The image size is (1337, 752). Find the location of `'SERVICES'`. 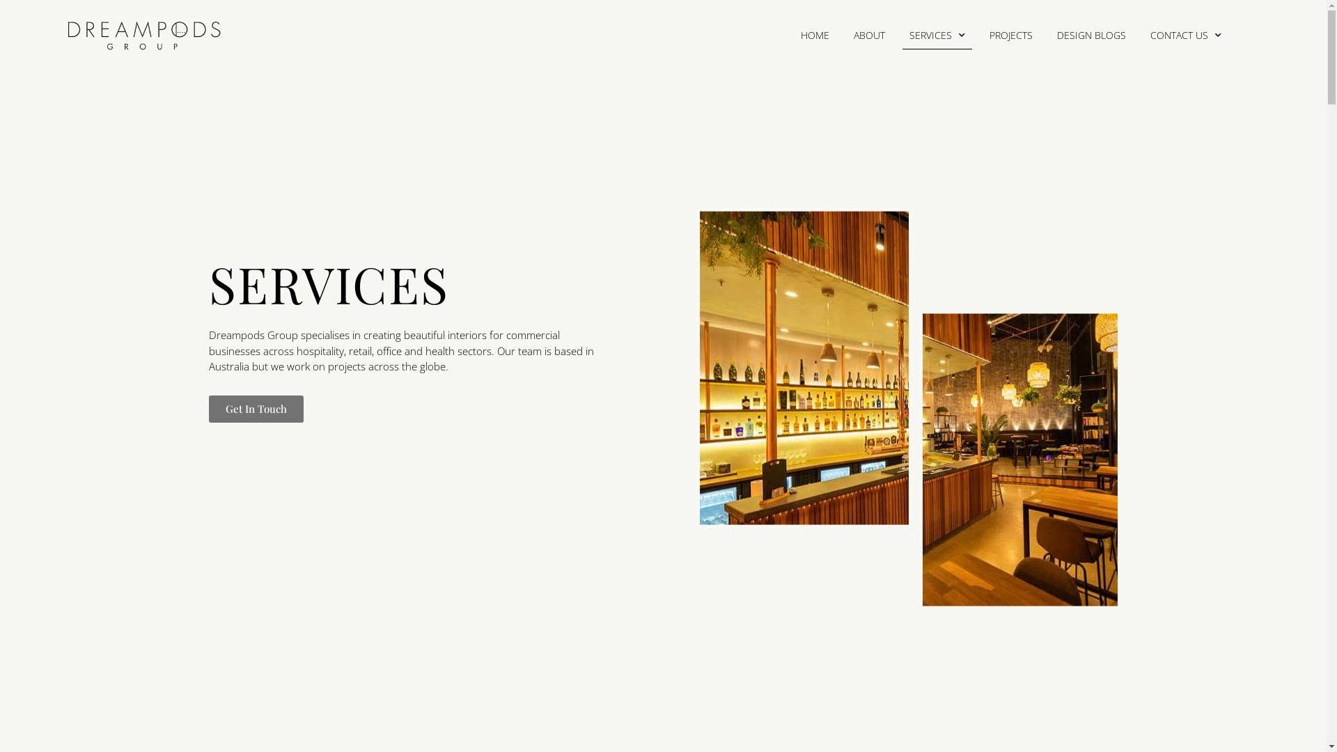

'SERVICES' is located at coordinates (937, 34).